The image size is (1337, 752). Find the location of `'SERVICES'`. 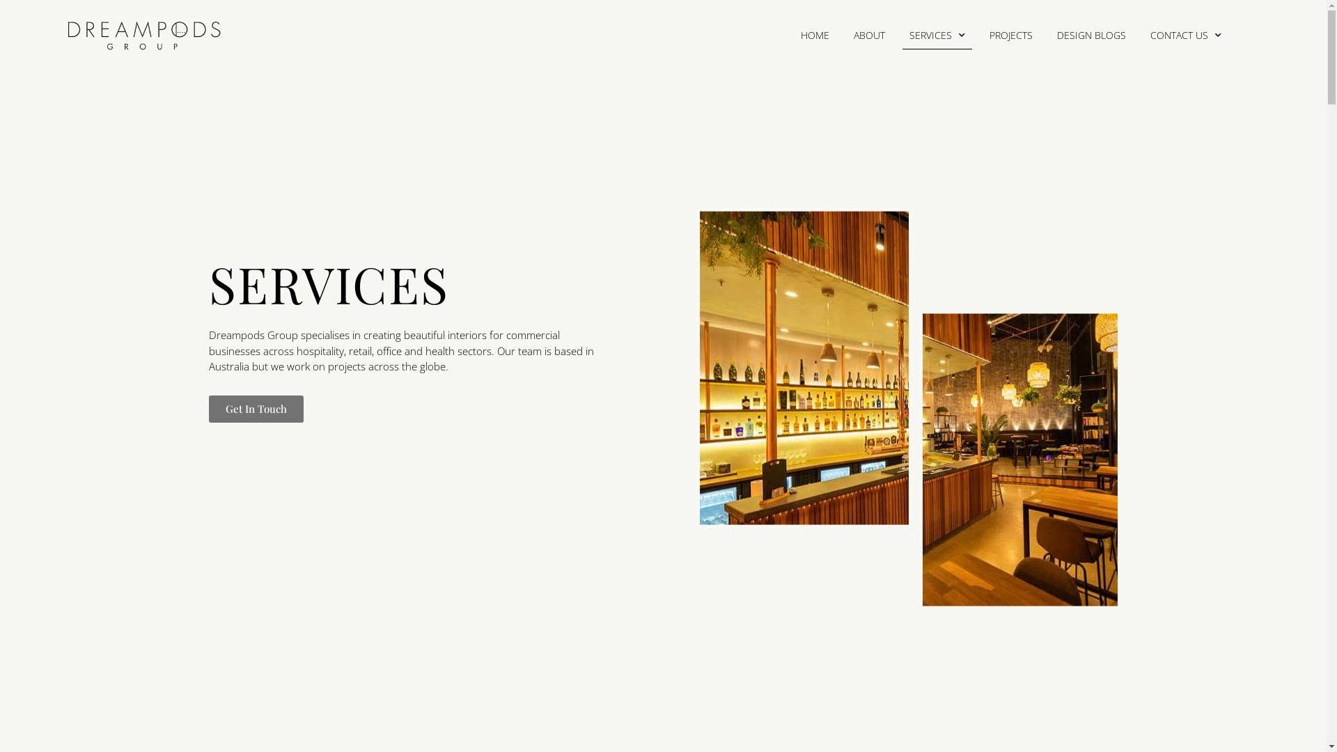

'SERVICES' is located at coordinates (937, 34).